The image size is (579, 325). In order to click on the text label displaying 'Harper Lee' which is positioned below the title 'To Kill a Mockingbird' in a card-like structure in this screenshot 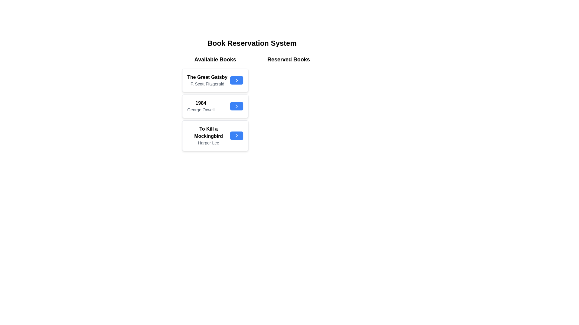, I will do `click(208, 143)`.